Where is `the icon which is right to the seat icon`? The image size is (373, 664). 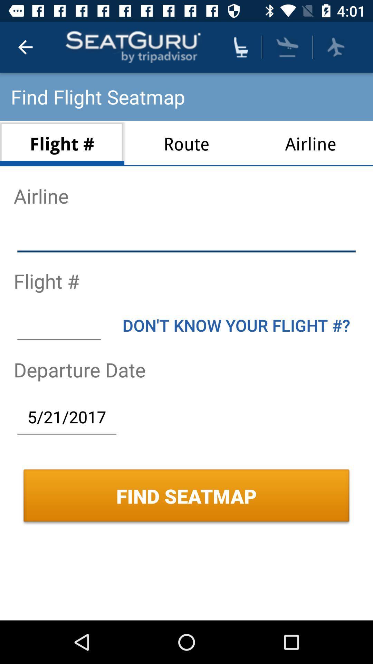
the icon which is right to the seat icon is located at coordinates (288, 47).